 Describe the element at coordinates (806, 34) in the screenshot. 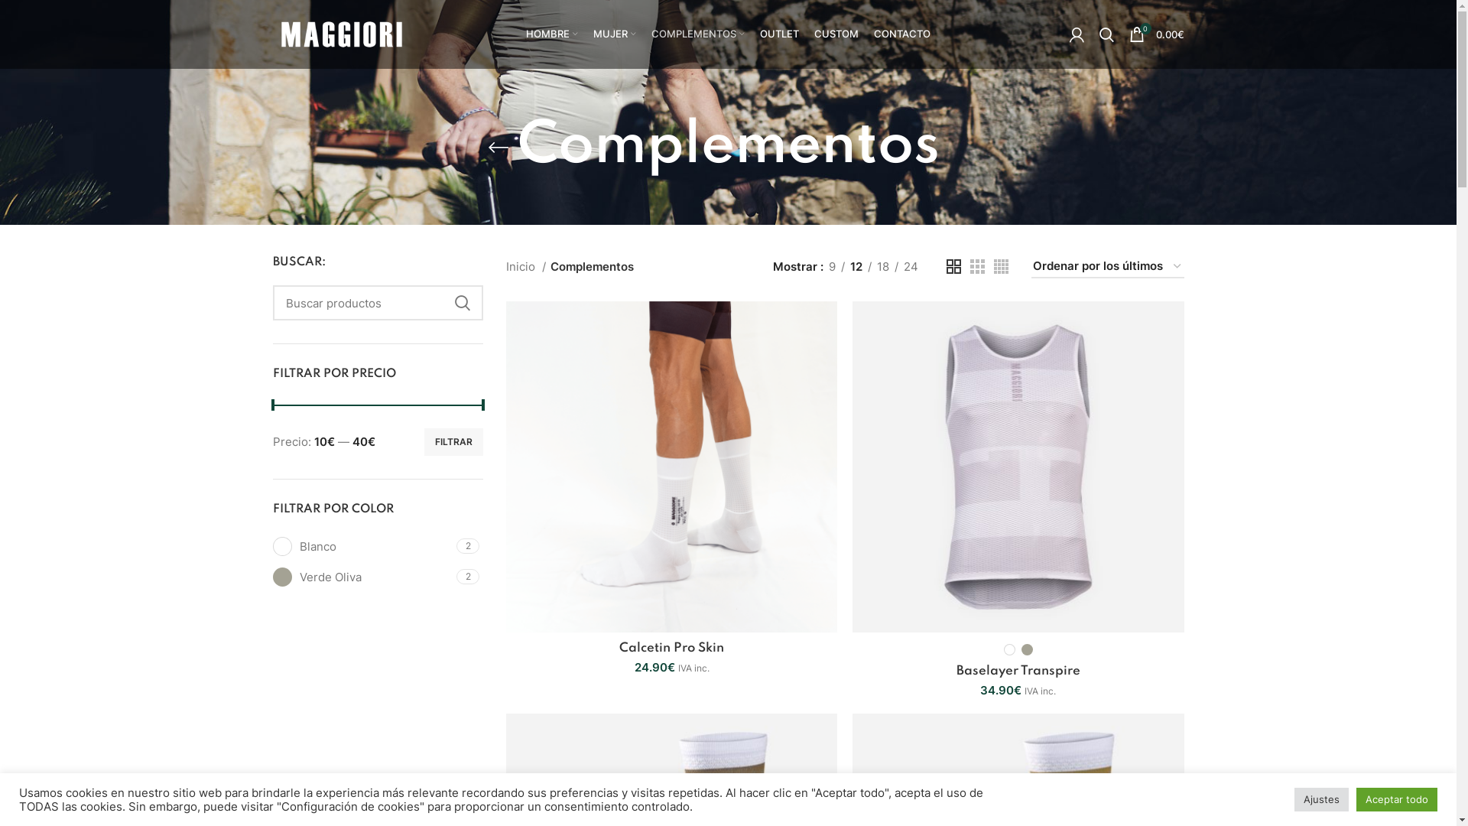

I see `'CUSTOM'` at that location.